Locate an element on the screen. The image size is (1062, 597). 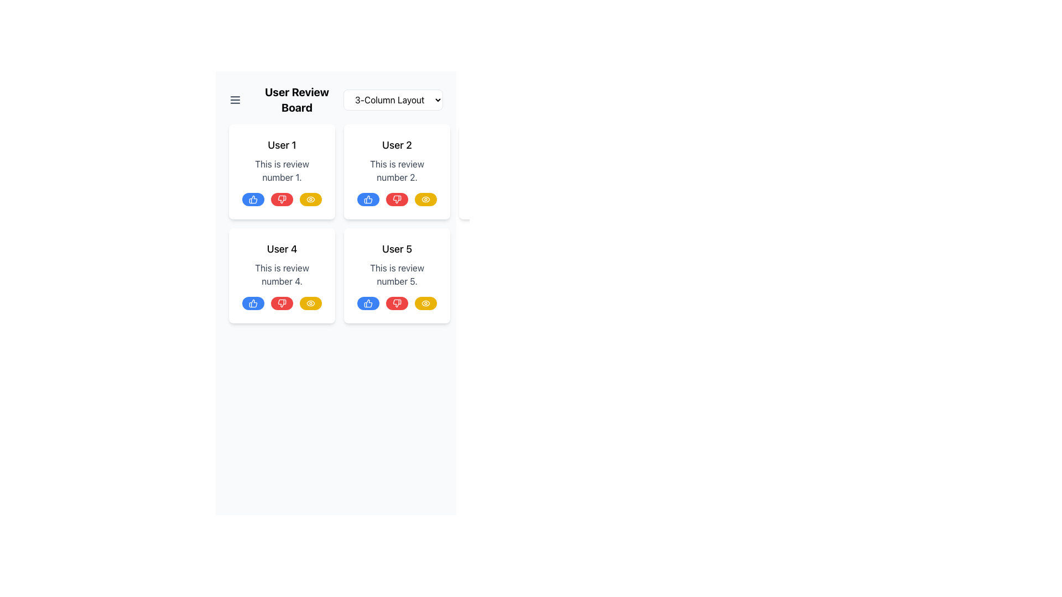
the circular yellow button with a white eye icon located in the bottom-right corner of the card labeled 'User 4' is located at coordinates (310, 303).